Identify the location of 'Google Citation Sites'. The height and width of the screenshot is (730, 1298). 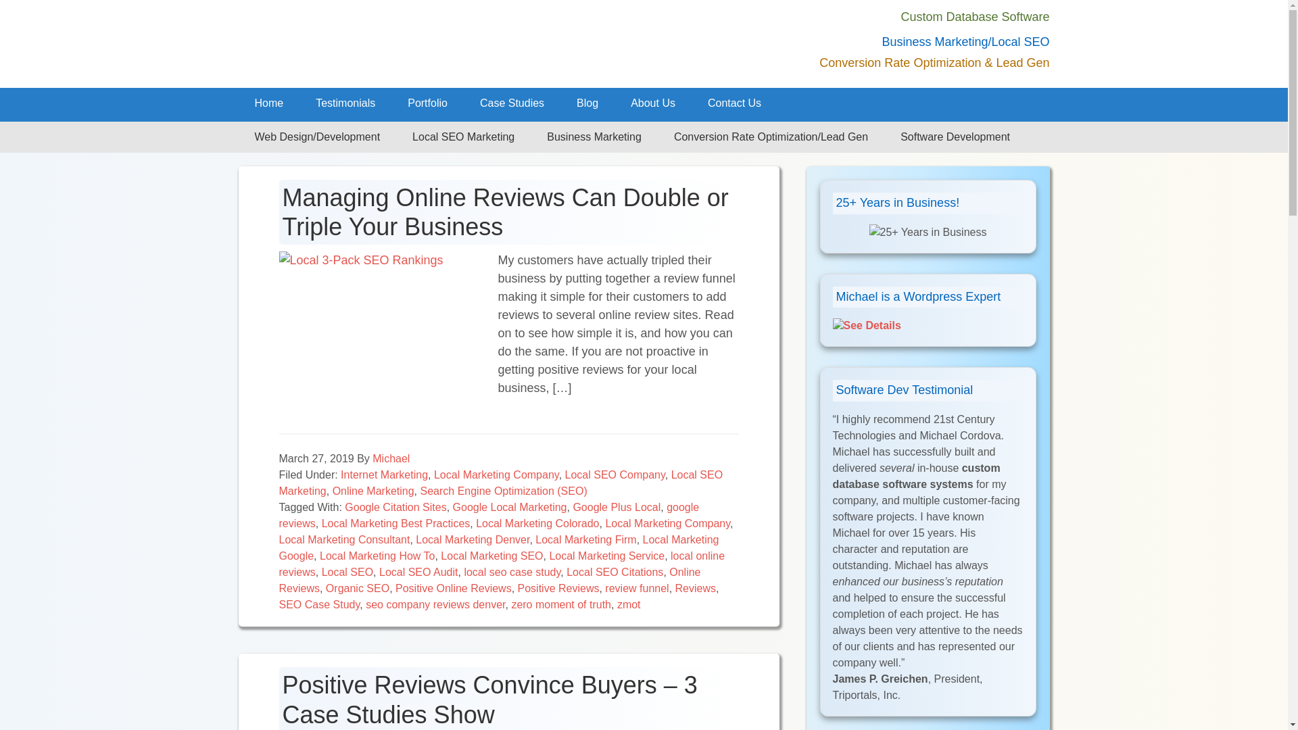
(344, 507).